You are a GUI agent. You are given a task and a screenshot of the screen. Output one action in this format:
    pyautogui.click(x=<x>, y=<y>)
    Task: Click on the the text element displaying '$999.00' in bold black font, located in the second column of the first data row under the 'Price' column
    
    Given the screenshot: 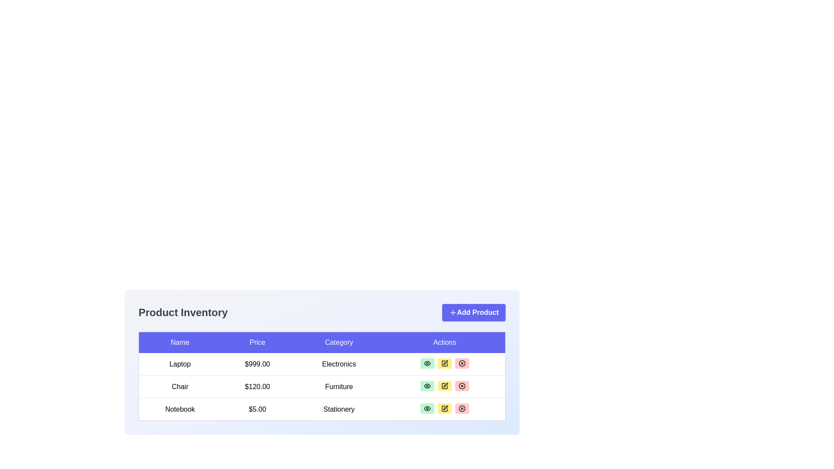 What is the action you would take?
    pyautogui.click(x=257, y=364)
    